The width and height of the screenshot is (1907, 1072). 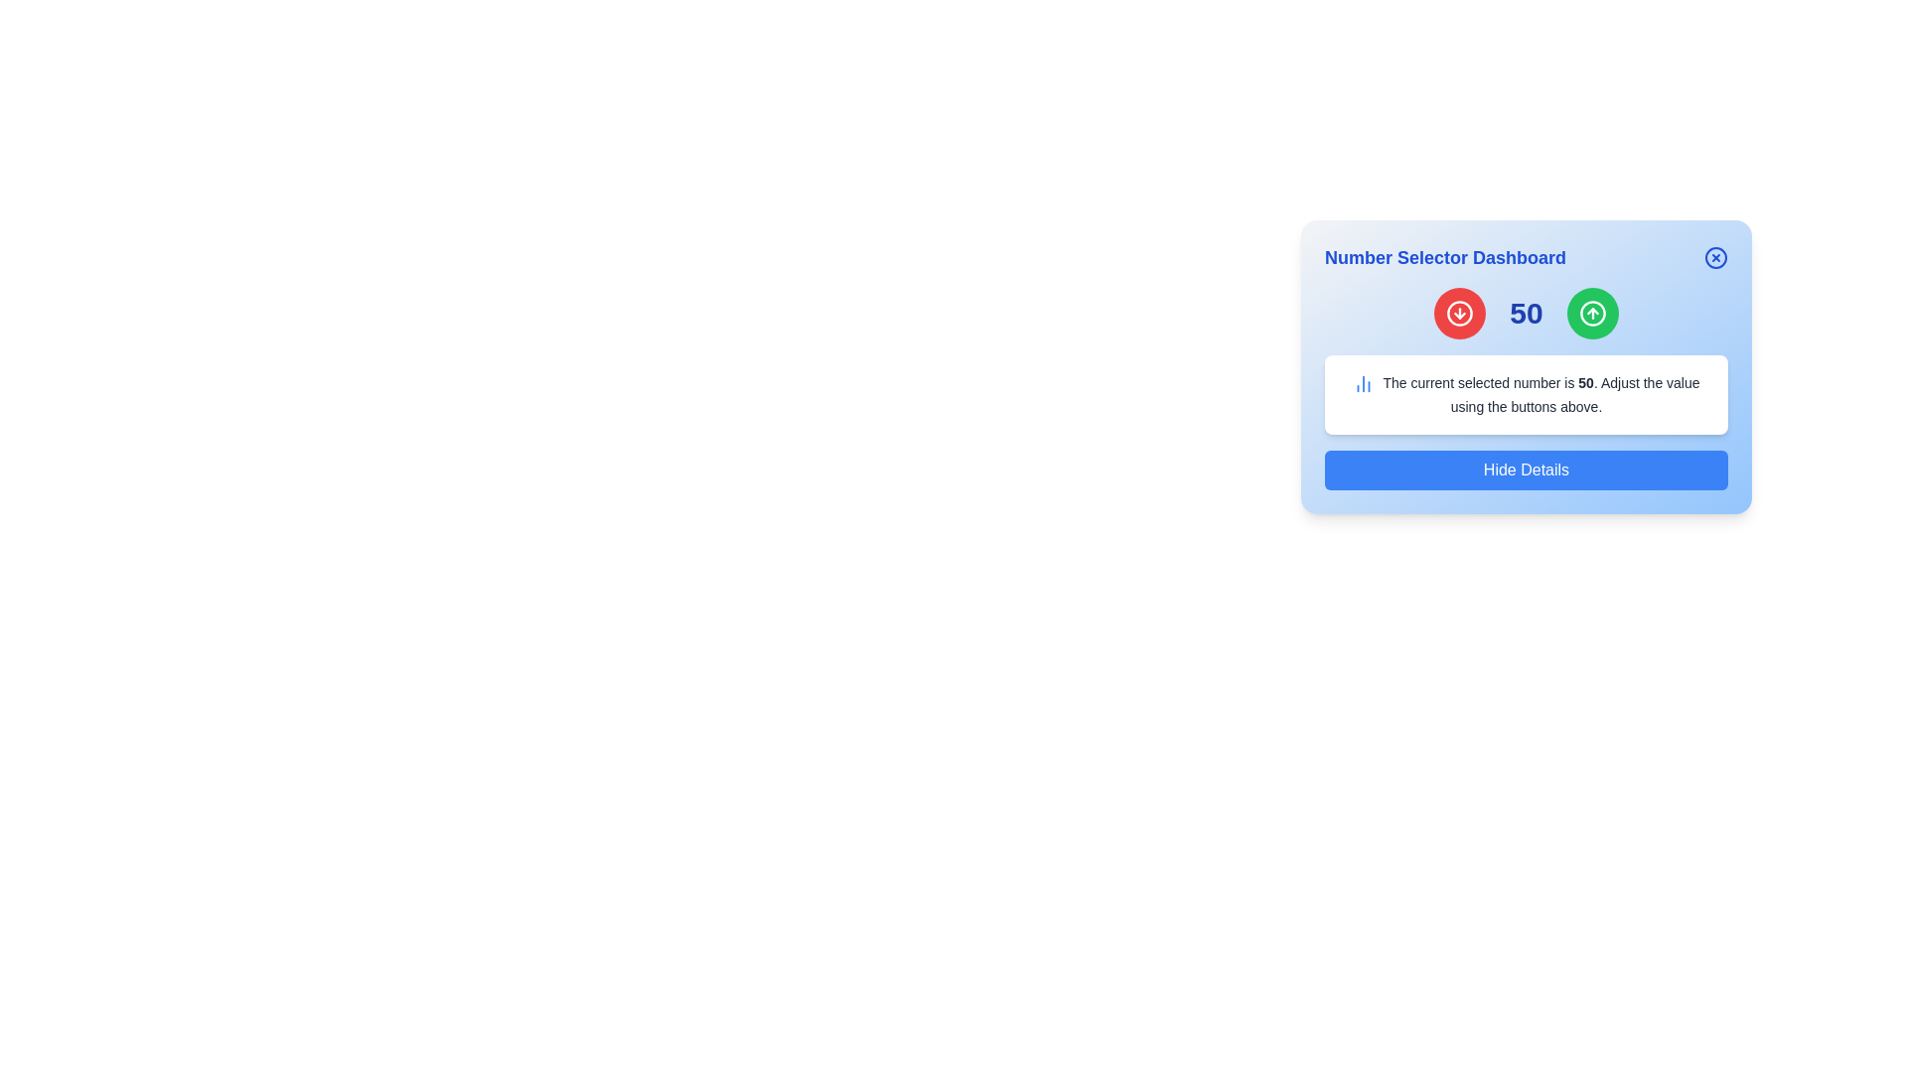 What do you see at coordinates (1460, 313) in the screenshot?
I see `the leftmost button in the number selection control interface` at bounding box center [1460, 313].